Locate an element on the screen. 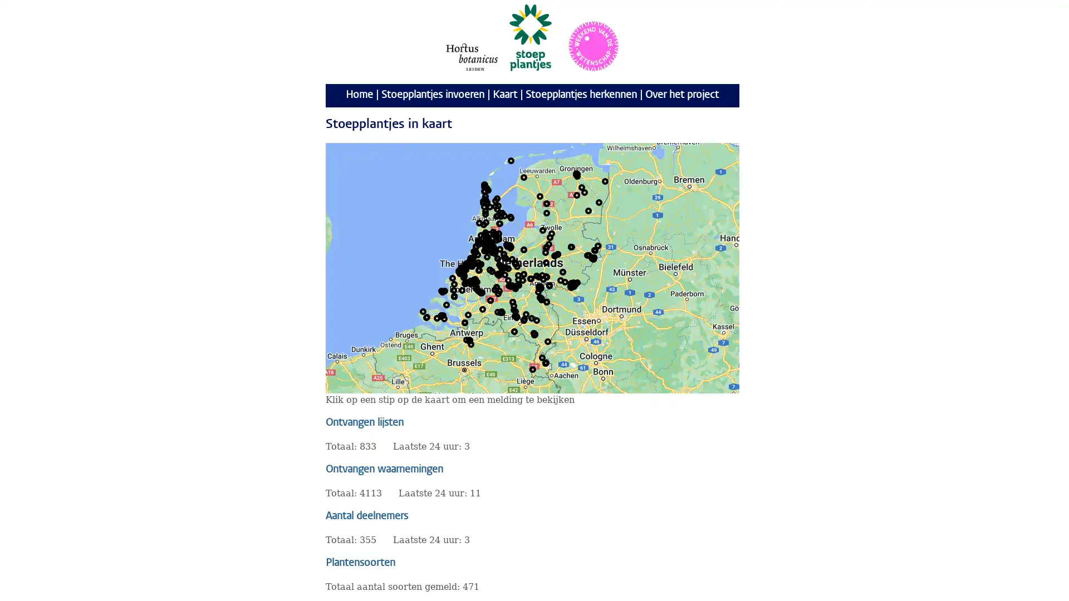  Telling van op 04 mei 2022 is located at coordinates (571, 287).